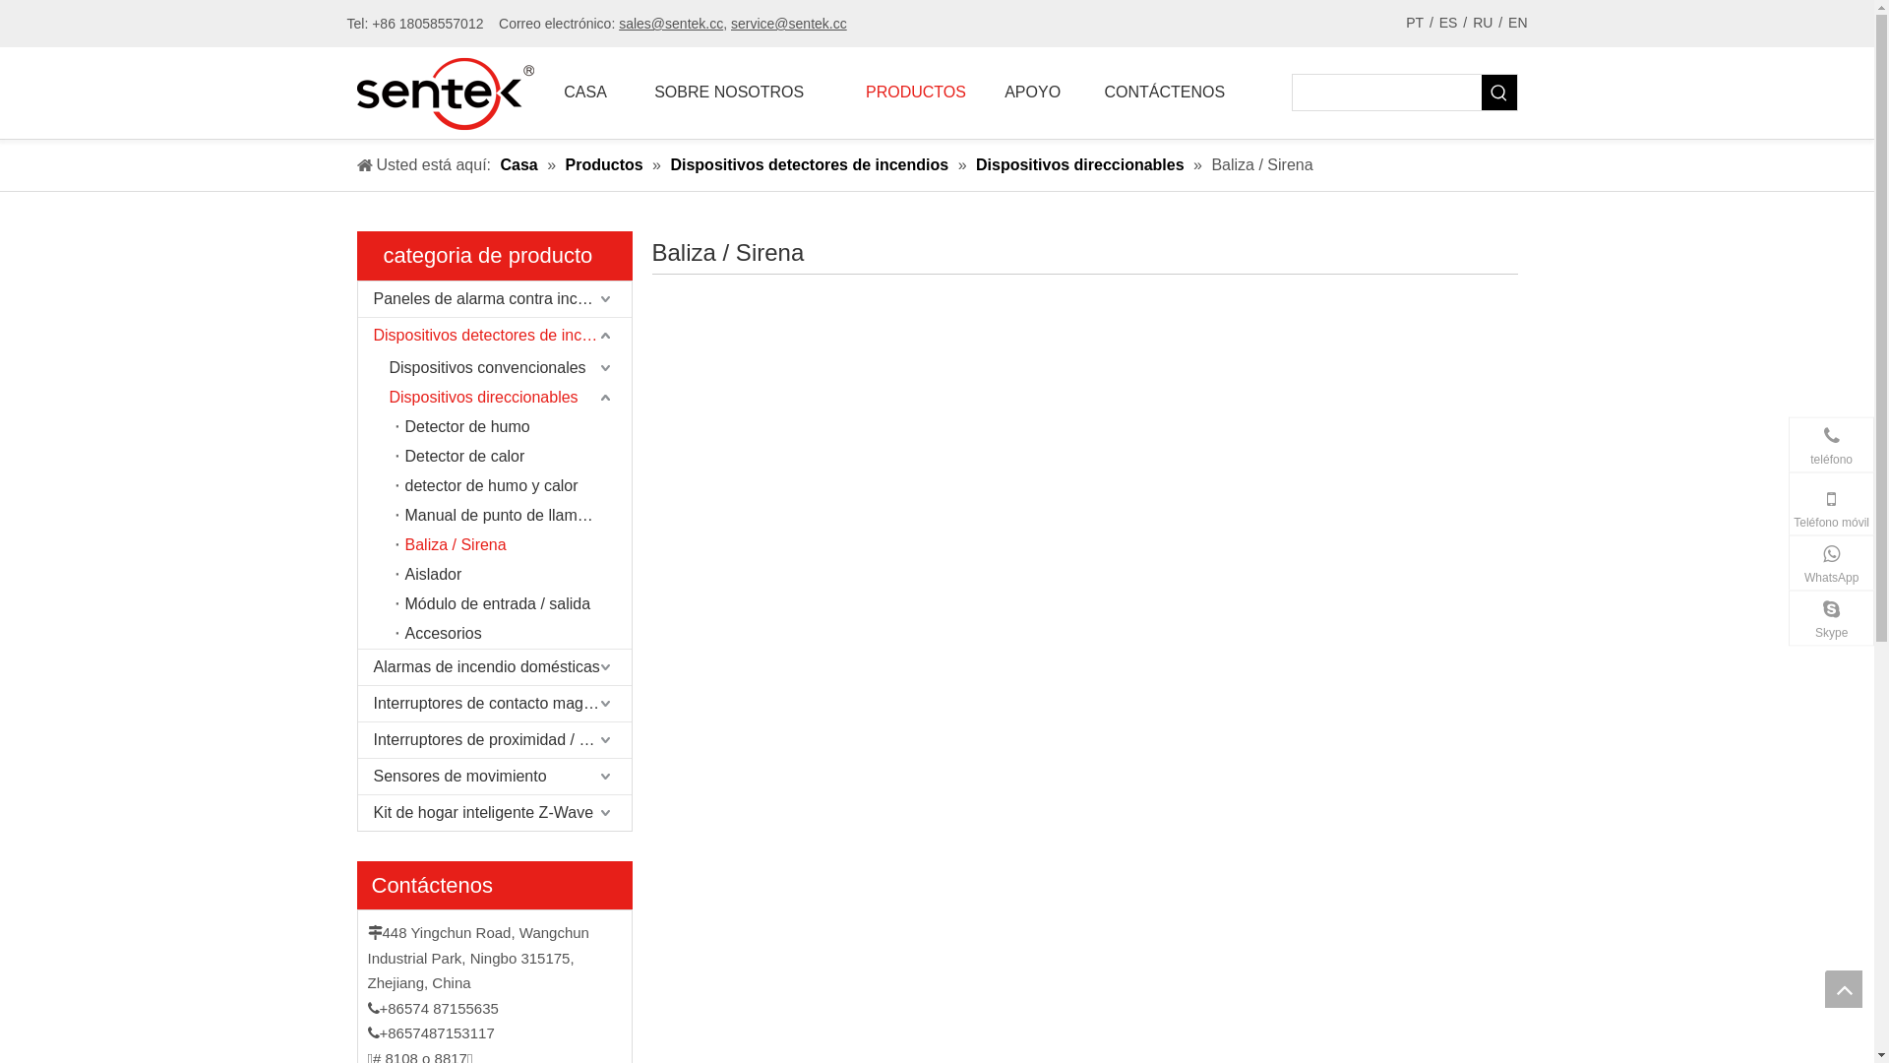 The image size is (1889, 1063). What do you see at coordinates (1842, 989) in the screenshot?
I see `'top'` at bounding box center [1842, 989].